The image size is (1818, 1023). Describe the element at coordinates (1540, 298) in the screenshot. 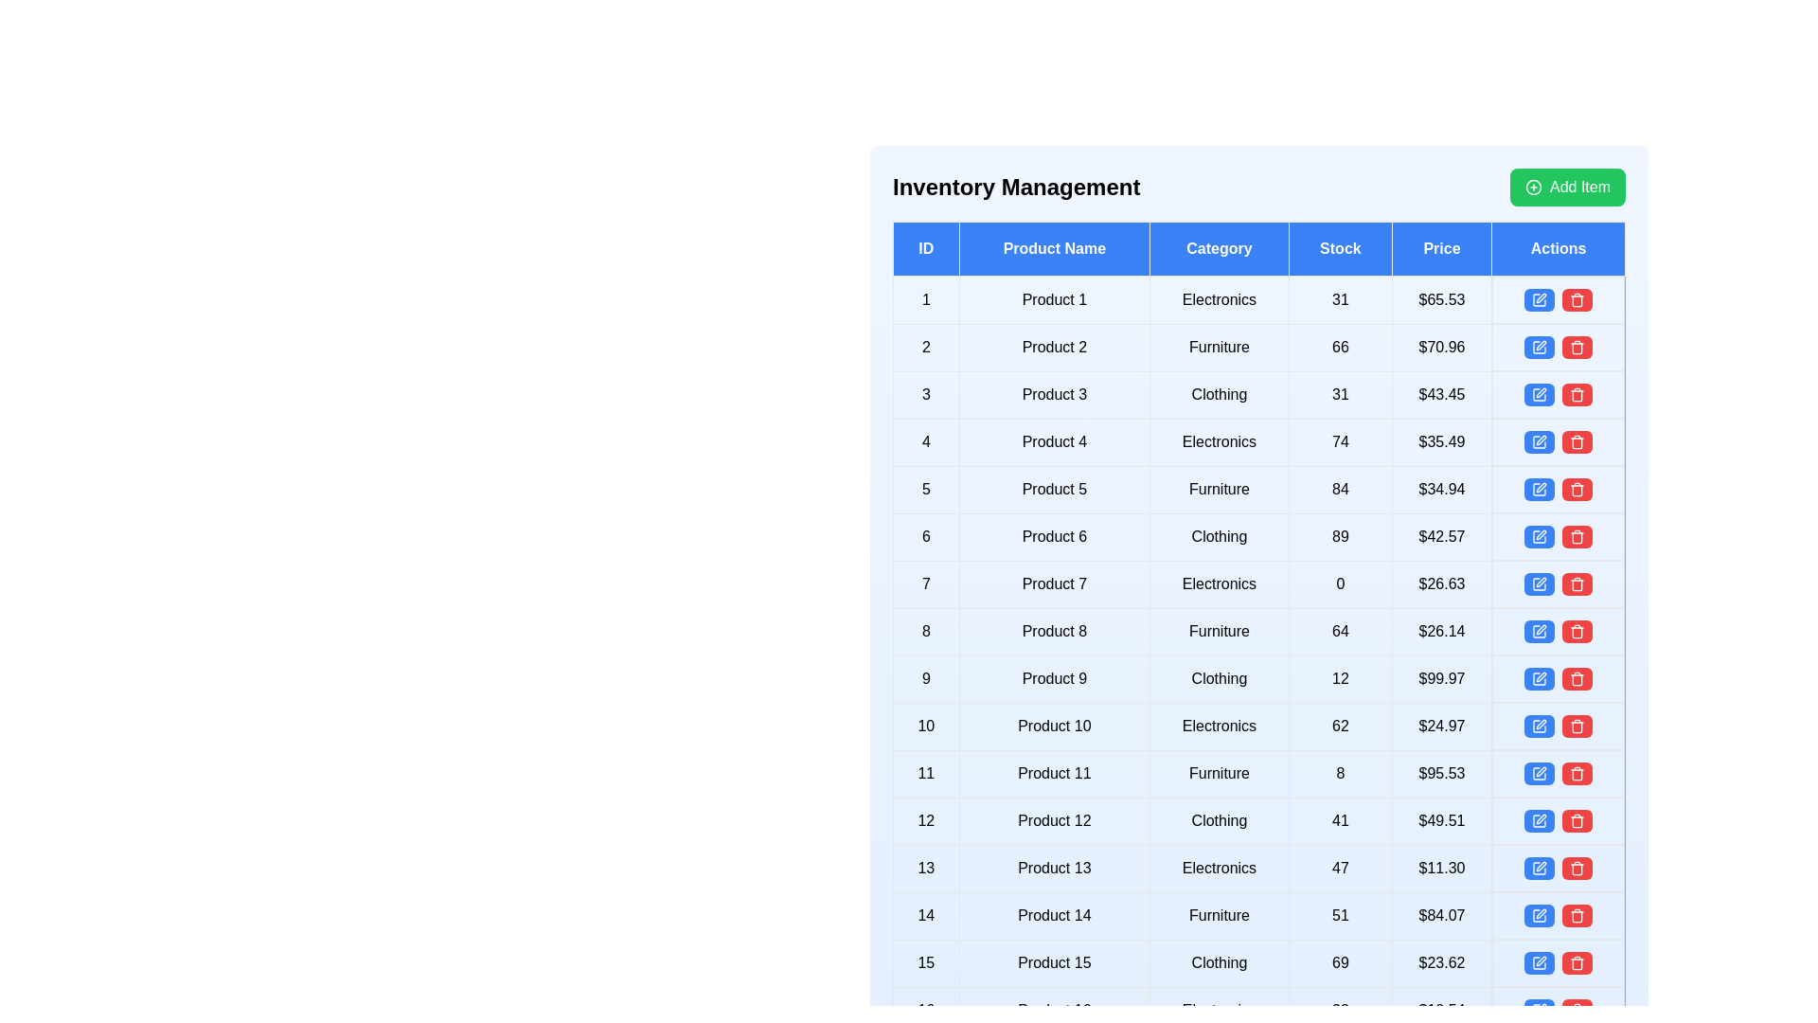

I see `edit button for the first product in the table` at that location.